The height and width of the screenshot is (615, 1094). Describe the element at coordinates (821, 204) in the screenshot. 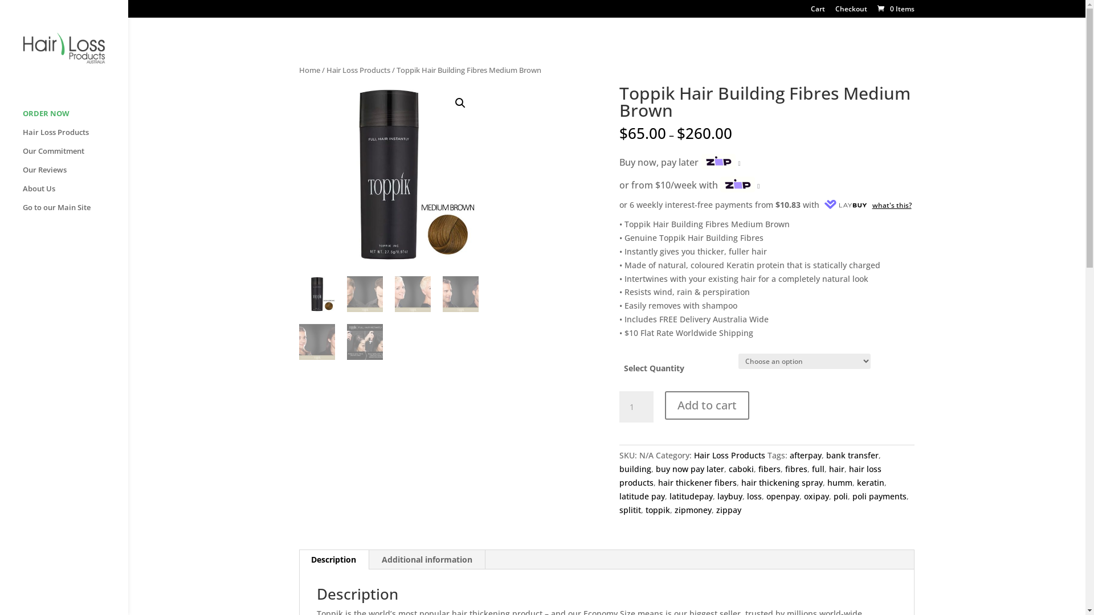

I see `'what's this?'` at that location.